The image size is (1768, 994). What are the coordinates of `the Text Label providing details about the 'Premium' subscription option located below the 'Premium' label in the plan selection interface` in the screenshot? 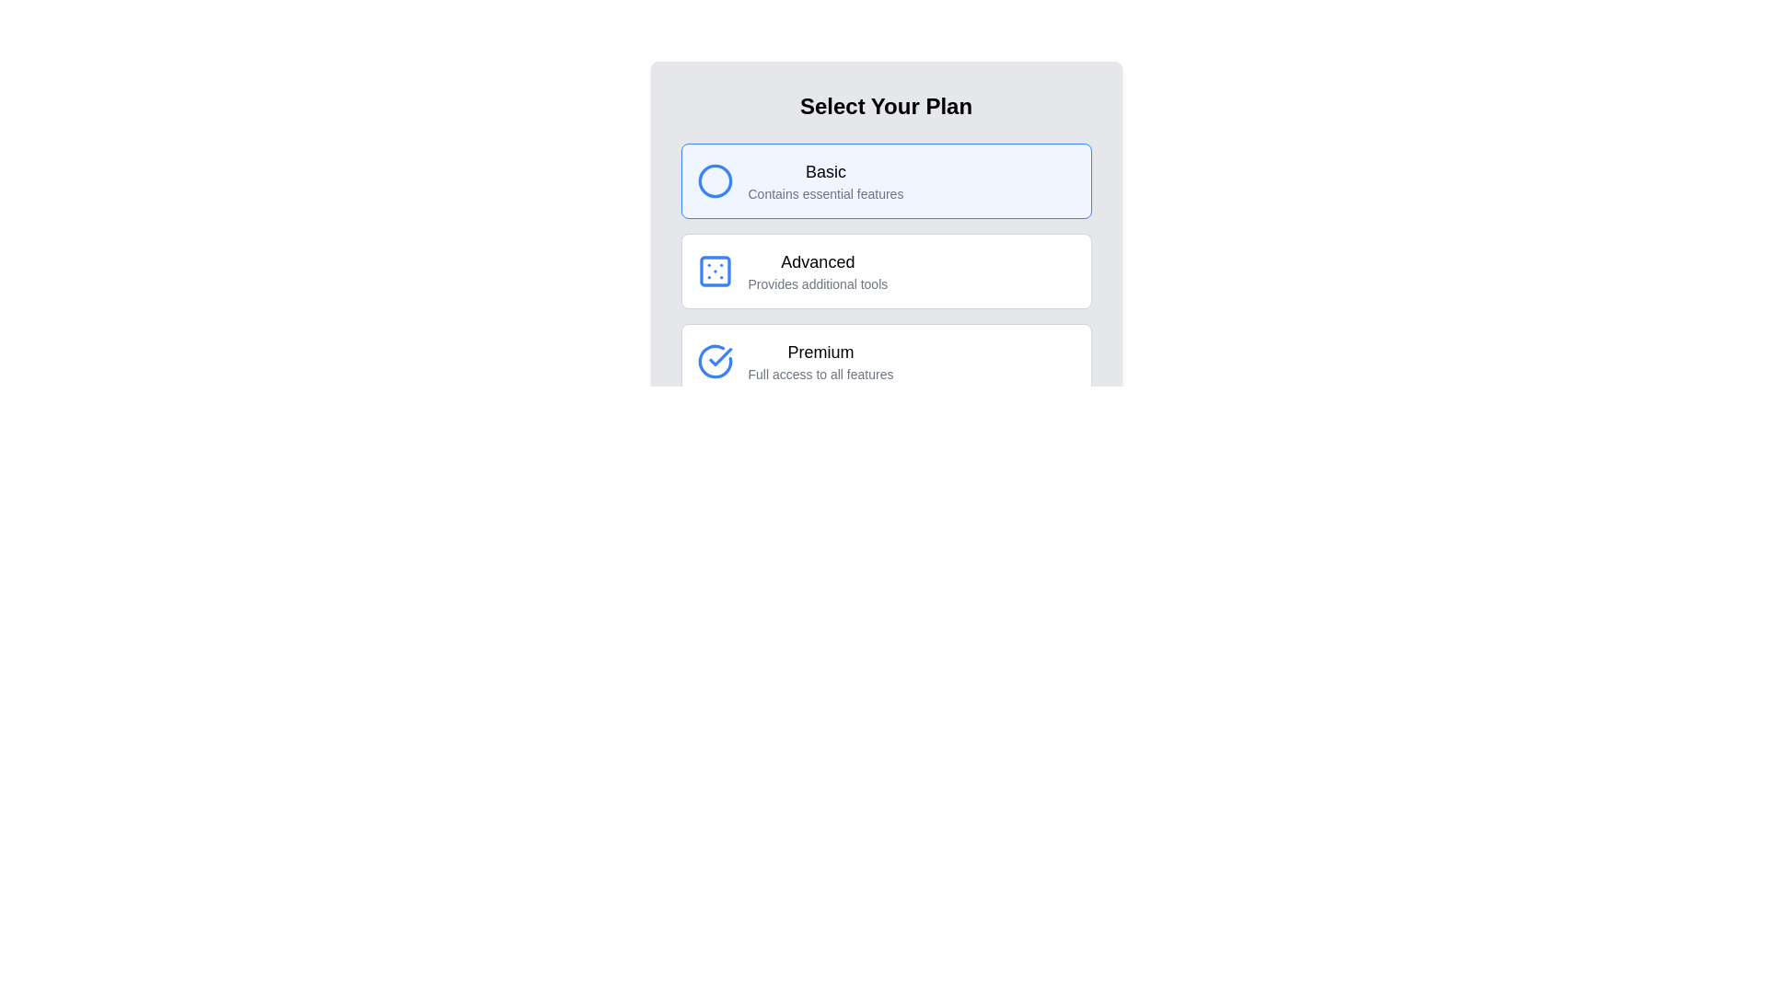 It's located at (820, 374).